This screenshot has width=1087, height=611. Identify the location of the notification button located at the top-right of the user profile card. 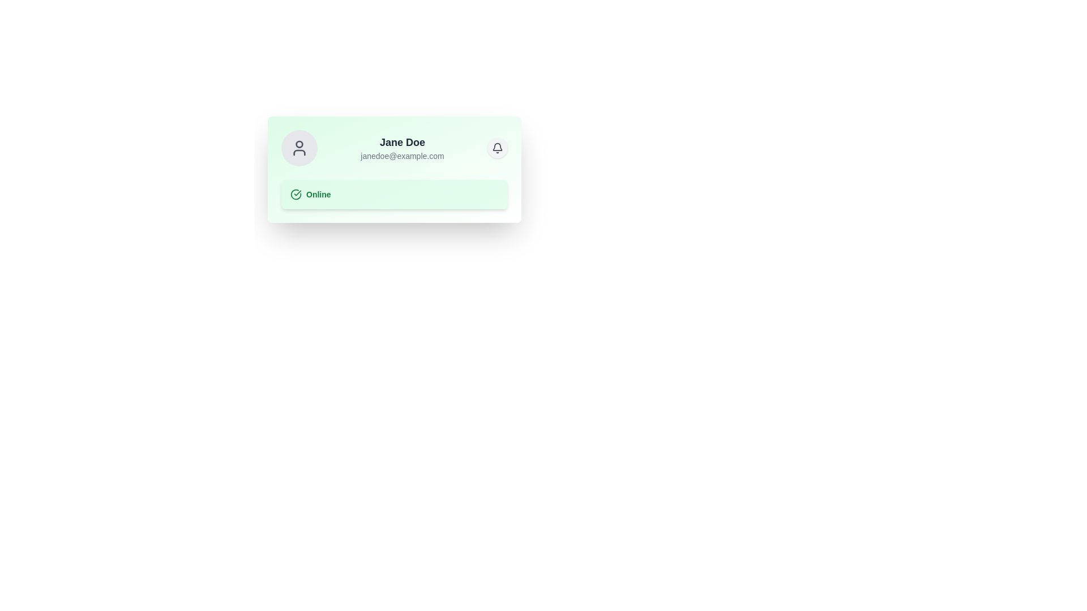
(497, 148).